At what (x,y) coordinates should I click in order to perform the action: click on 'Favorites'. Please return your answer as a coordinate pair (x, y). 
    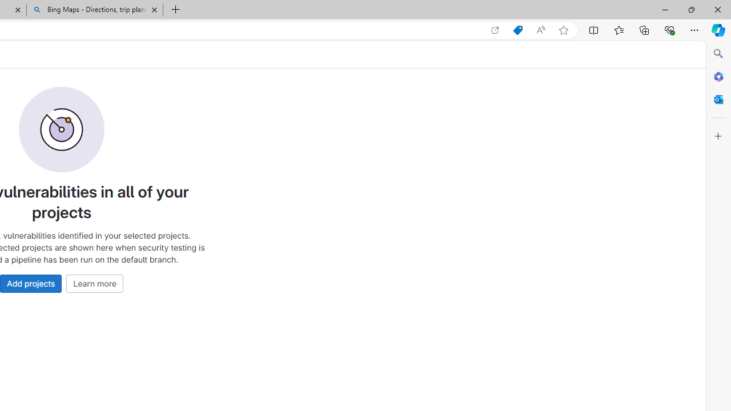
    Looking at the image, I should click on (618, 29).